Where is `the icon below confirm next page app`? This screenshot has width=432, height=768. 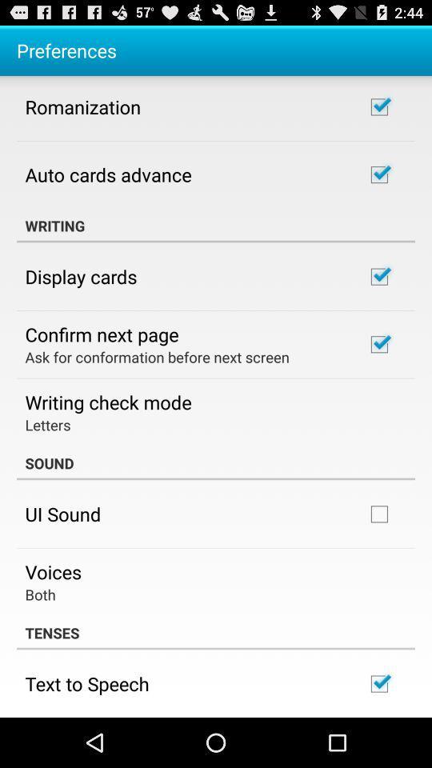 the icon below confirm next page app is located at coordinates (157, 357).